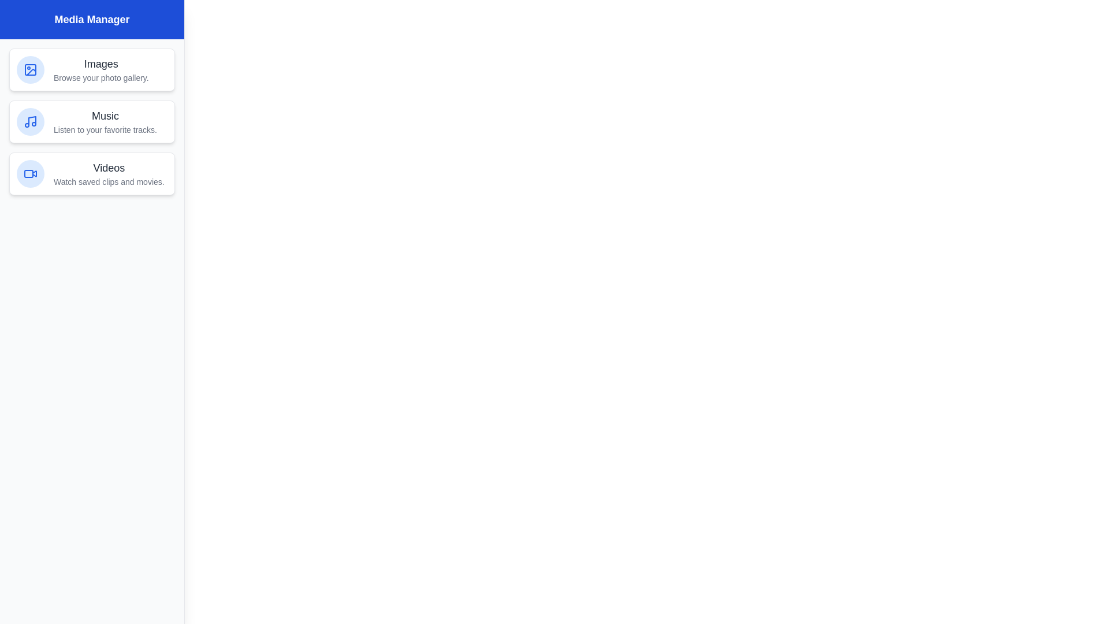 The width and height of the screenshot is (1109, 624). Describe the element at coordinates (30, 122) in the screenshot. I see `the icon of the Music media section` at that location.